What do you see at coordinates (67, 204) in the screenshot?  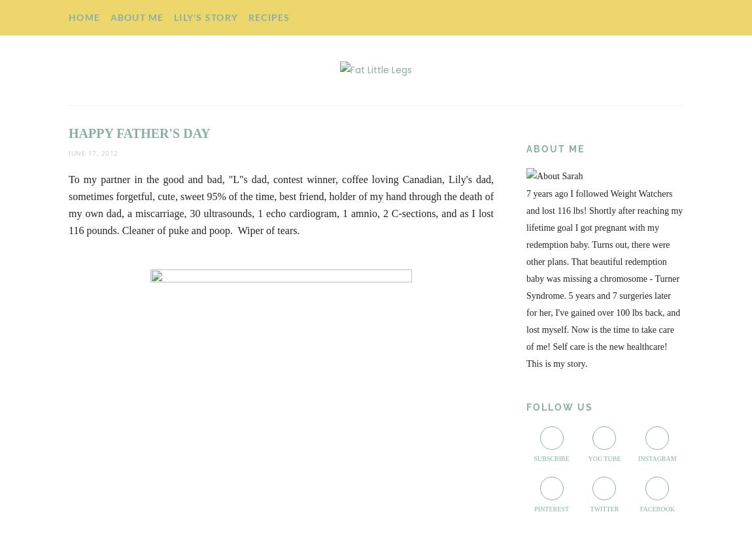 I see `'To my partner in the good and bad, "L"s dad, contest winner, coffee loving Canadian, Lily's dad, sometimes forgetful, cute, sweet 95% of the time, best friend, holder of my hand through the death of my own dad, a miscarriage, 30 ultrasounds, 1 echo cardiogram, 1 amnio, 2 C-sections, and as I lost 116 pounds. Cleaner of puke and poop.  Wiper of tears.'` at bounding box center [67, 204].